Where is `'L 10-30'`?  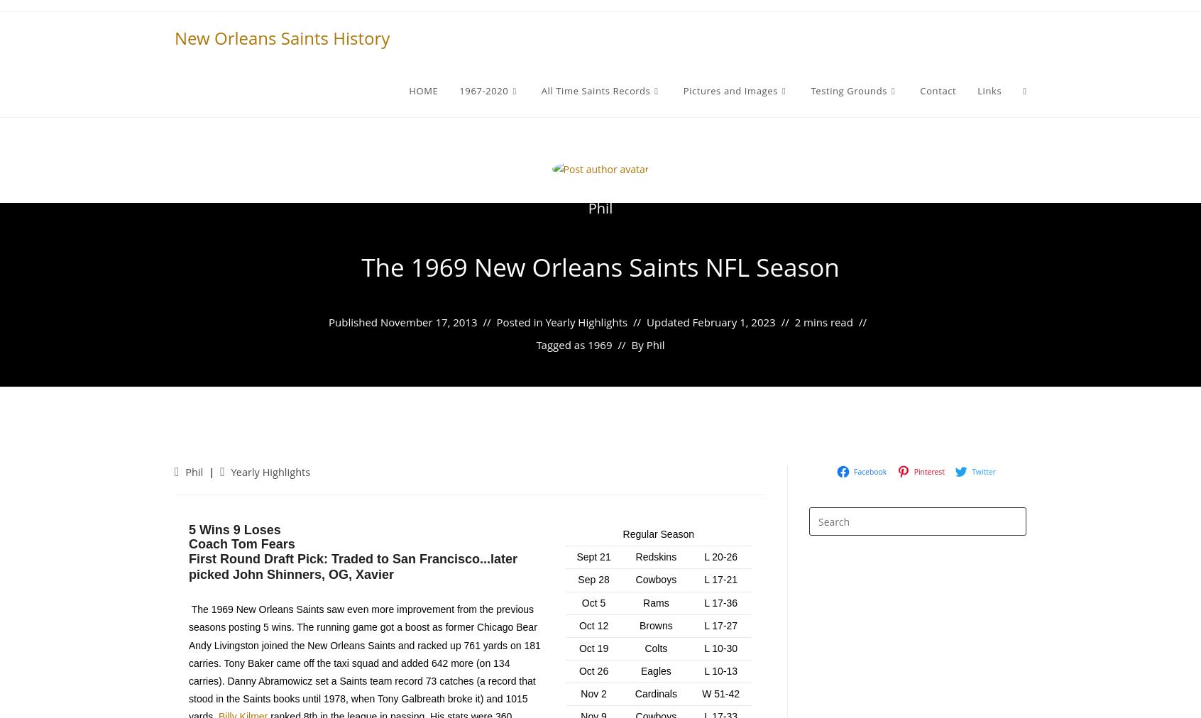
'L 10-30' is located at coordinates (720, 648).